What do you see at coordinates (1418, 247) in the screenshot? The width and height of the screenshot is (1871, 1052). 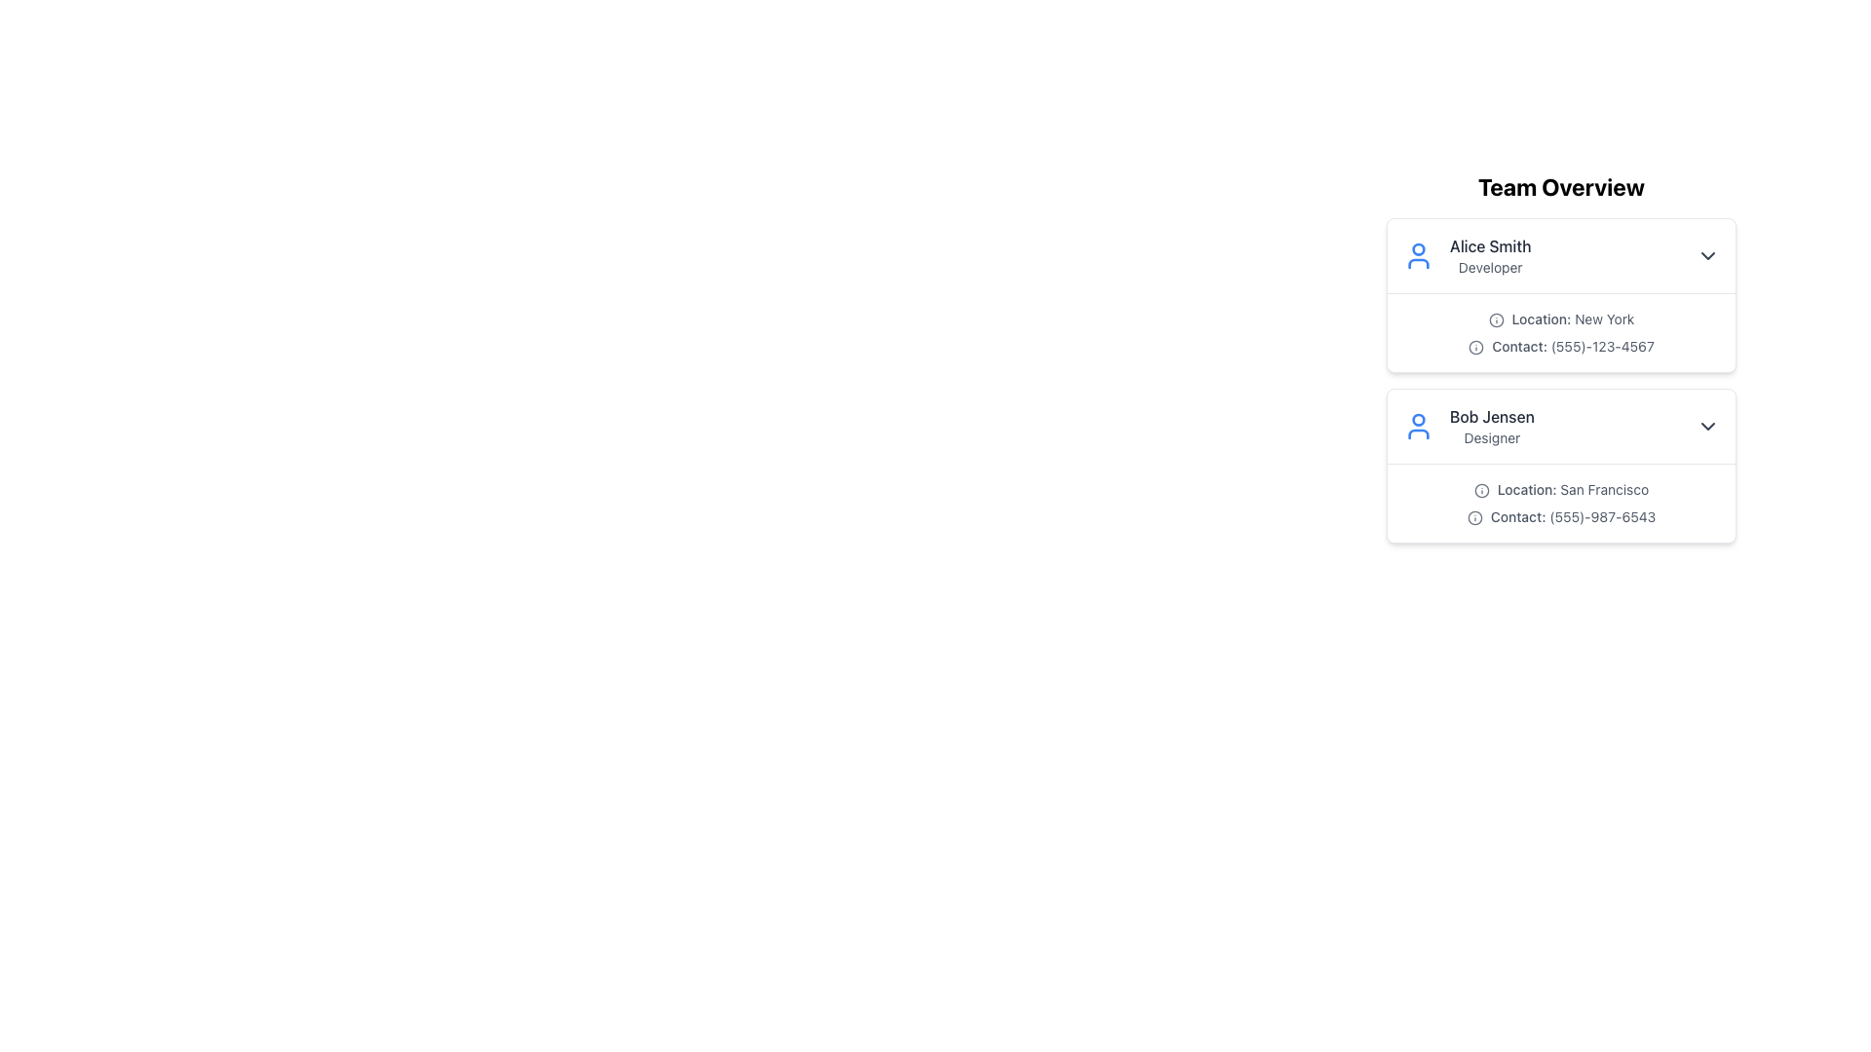 I see `the graphical shape (circle) representing the head of the user icon for 'Alice Smith'` at bounding box center [1418, 247].